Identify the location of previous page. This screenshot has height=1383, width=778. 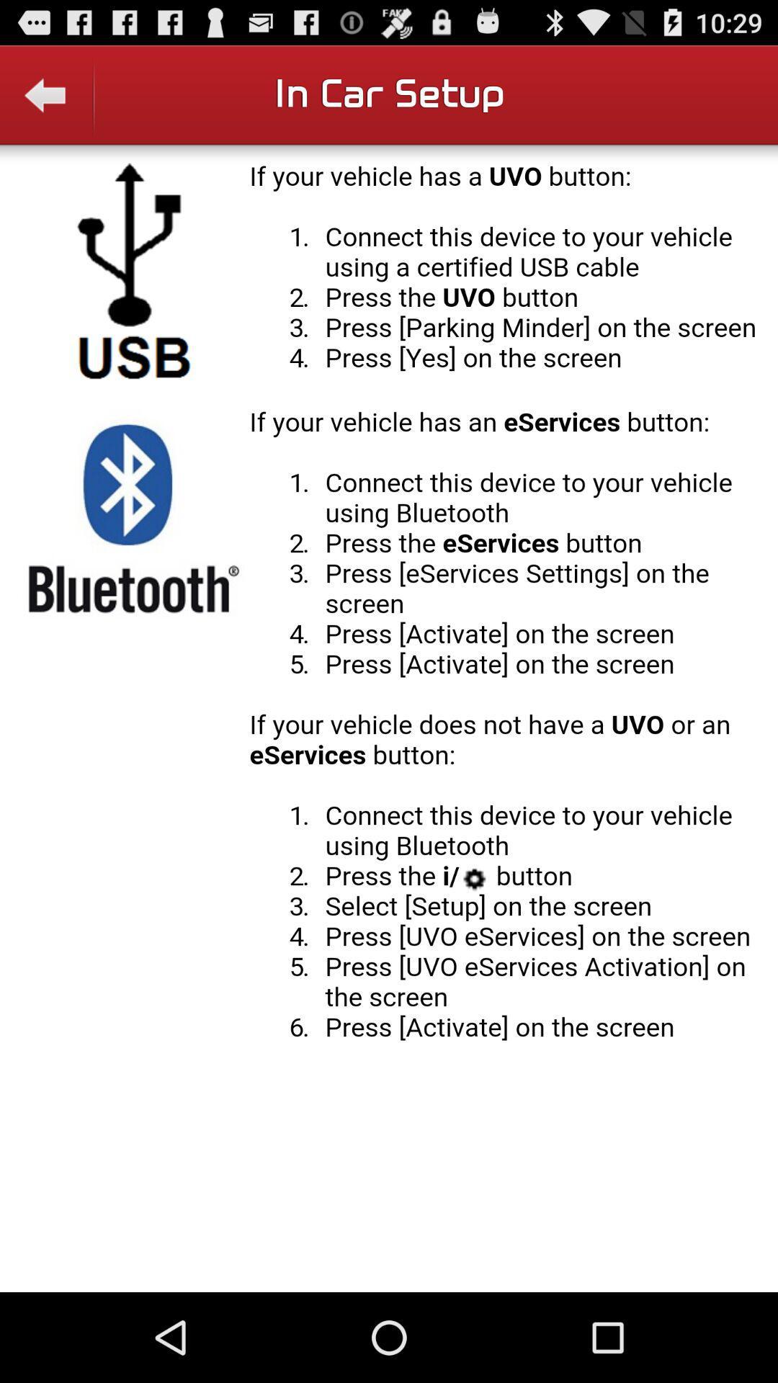
(46, 104).